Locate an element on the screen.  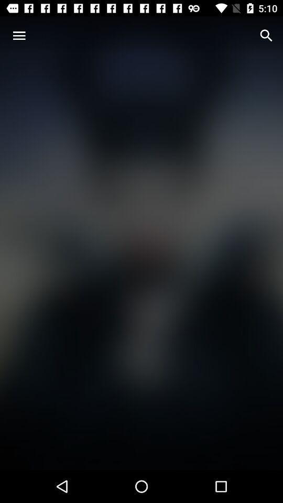
the item at the top right corner is located at coordinates (266, 36).